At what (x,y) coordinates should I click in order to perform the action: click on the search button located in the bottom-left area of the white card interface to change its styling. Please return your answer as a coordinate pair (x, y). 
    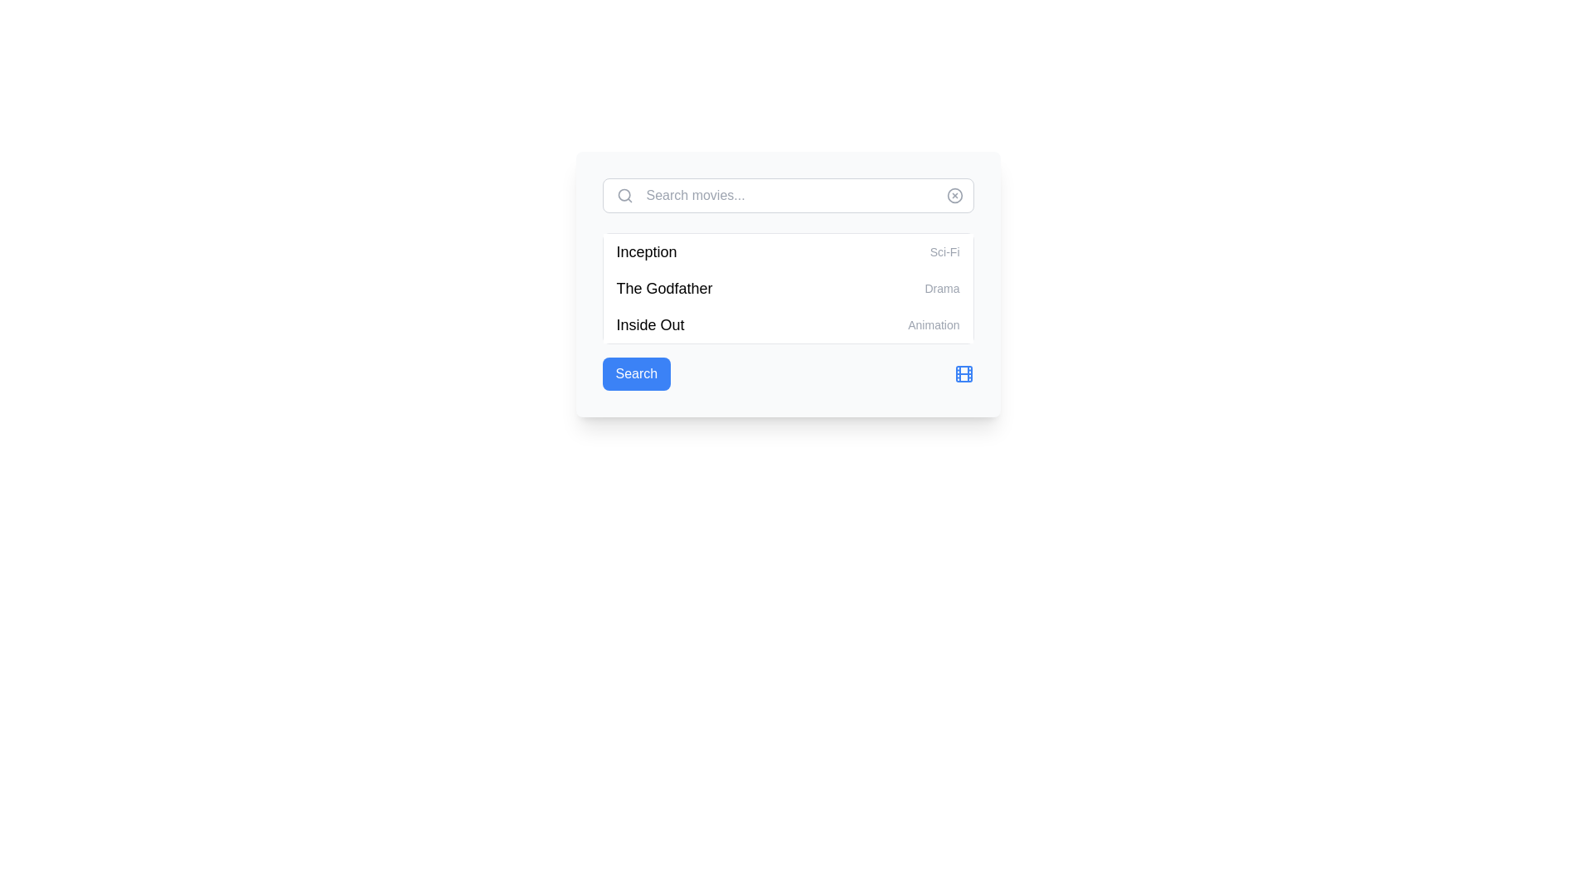
    Looking at the image, I should click on (635, 374).